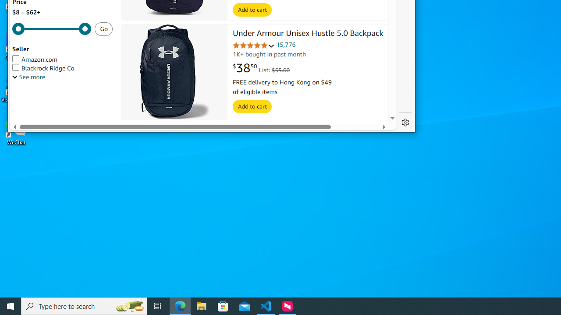  I want to click on 'Add to cart', so click(252, 106).